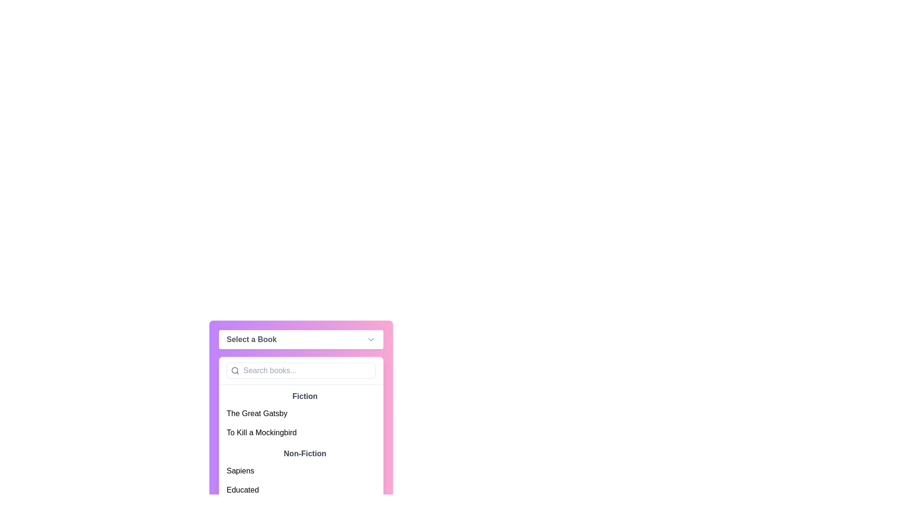 Image resolution: width=918 pixels, height=516 pixels. Describe the element at coordinates (300, 490) in the screenshot. I see `the List item labeled 'Educated' in the dropdown menu under the 'Non-Fiction' category to trigger a visual highlight effect` at that location.